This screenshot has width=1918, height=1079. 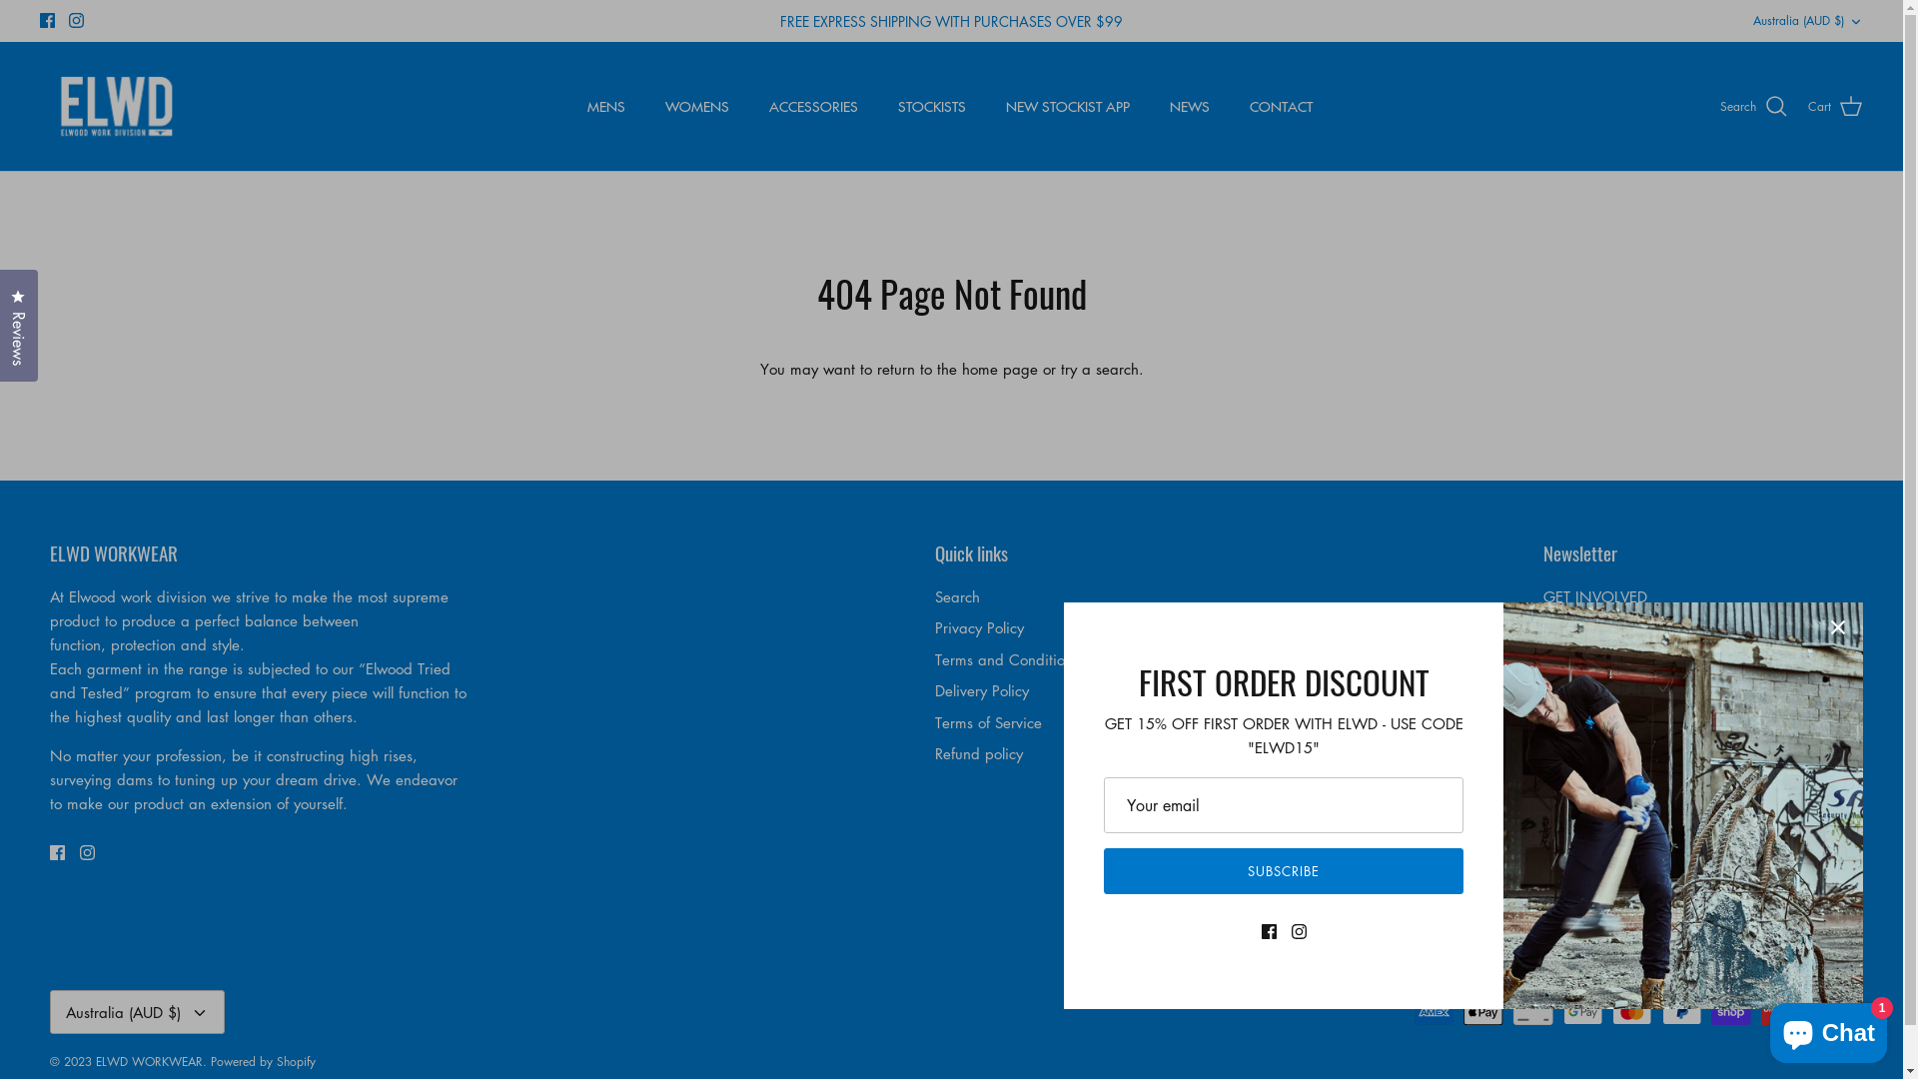 I want to click on 'Terms and Conditions', so click(x=934, y=658).